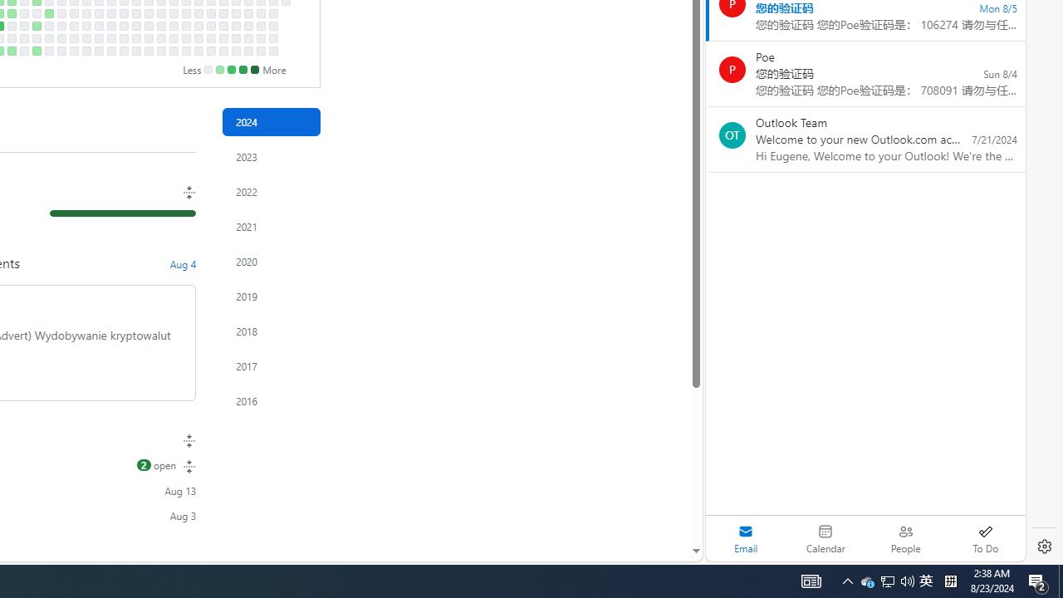 The image size is (1063, 598). What do you see at coordinates (247, 37) in the screenshot?
I see `'No contributions on December 13th.'` at bounding box center [247, 37].